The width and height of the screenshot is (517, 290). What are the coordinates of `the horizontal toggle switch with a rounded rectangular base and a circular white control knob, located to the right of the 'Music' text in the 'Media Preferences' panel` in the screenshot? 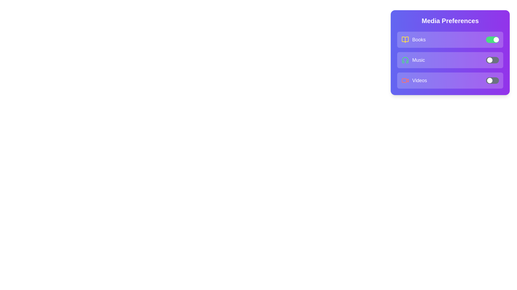 It's located at (492, 60).